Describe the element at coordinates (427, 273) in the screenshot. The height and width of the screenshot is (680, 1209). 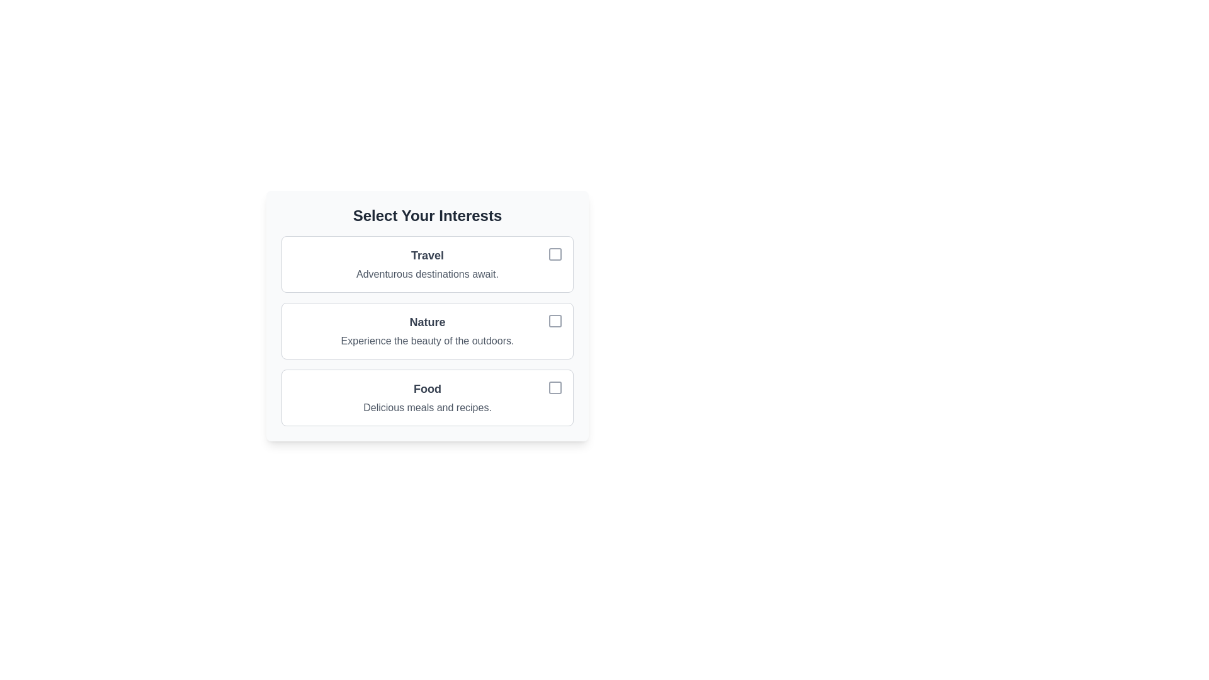
I see `the interactive elements related to the text snippet 'Adventurous destinations await.' which is displayed in medium gray color below the bold title 'Travel'` at that location.